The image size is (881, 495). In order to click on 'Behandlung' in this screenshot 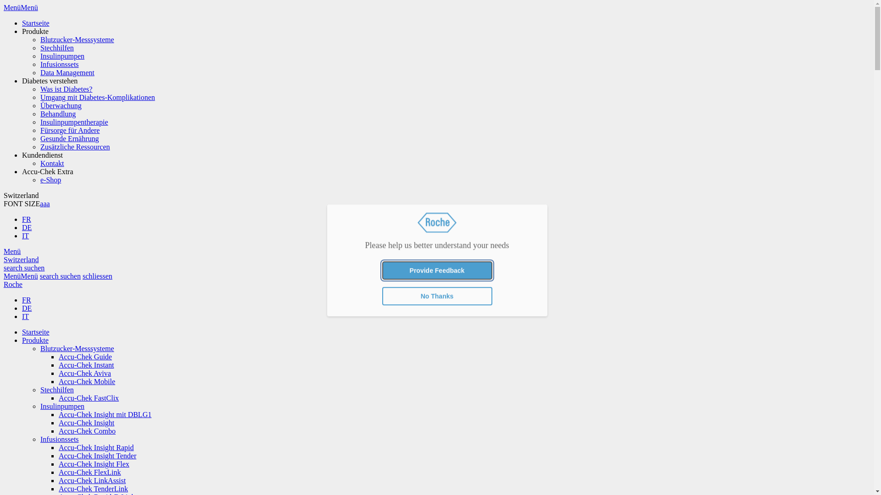, I will do `click(57, 113)`.